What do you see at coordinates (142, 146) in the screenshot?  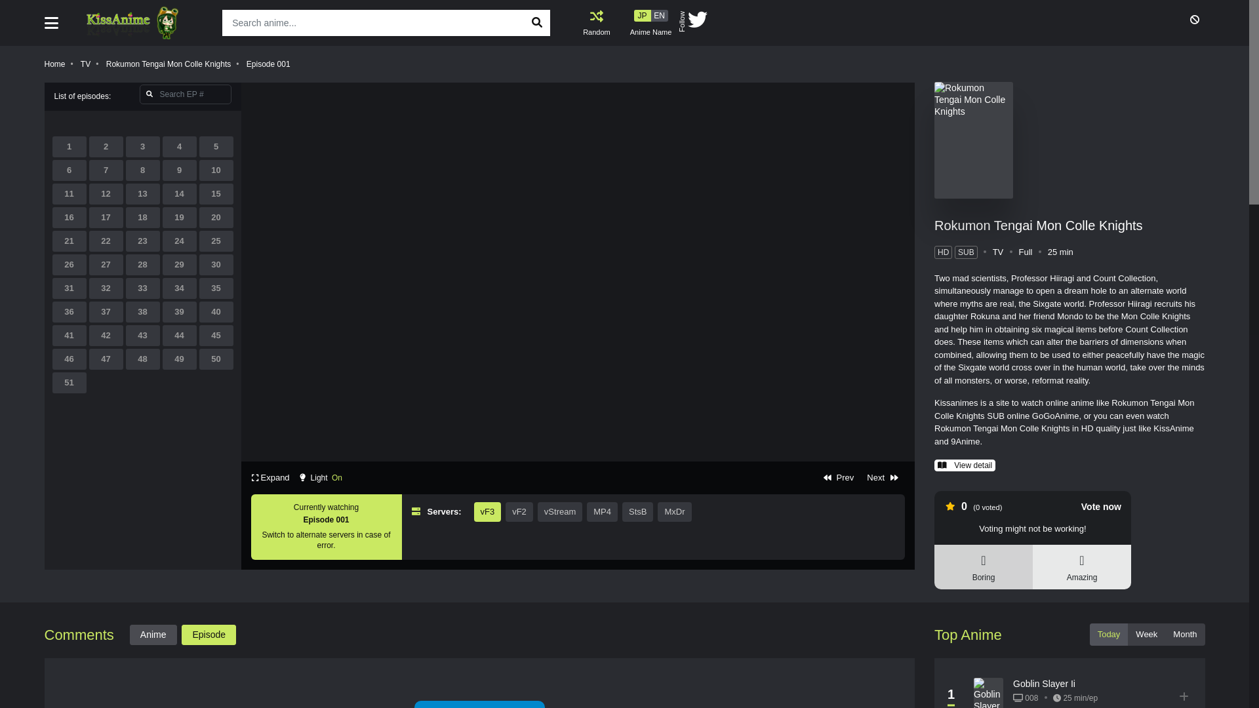 I see `'3'` at bounding box center [142, 146].